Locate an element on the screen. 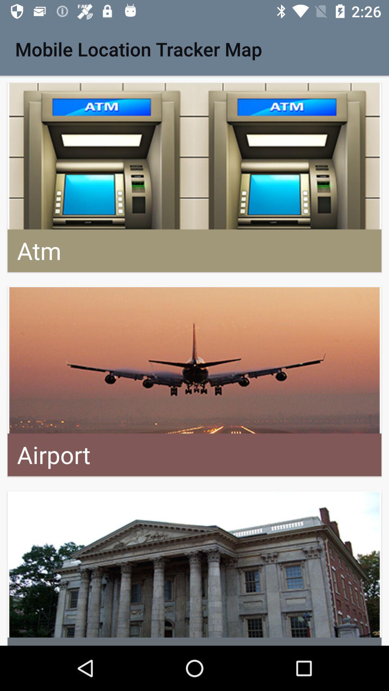  building is located at coordinates (194, 568).